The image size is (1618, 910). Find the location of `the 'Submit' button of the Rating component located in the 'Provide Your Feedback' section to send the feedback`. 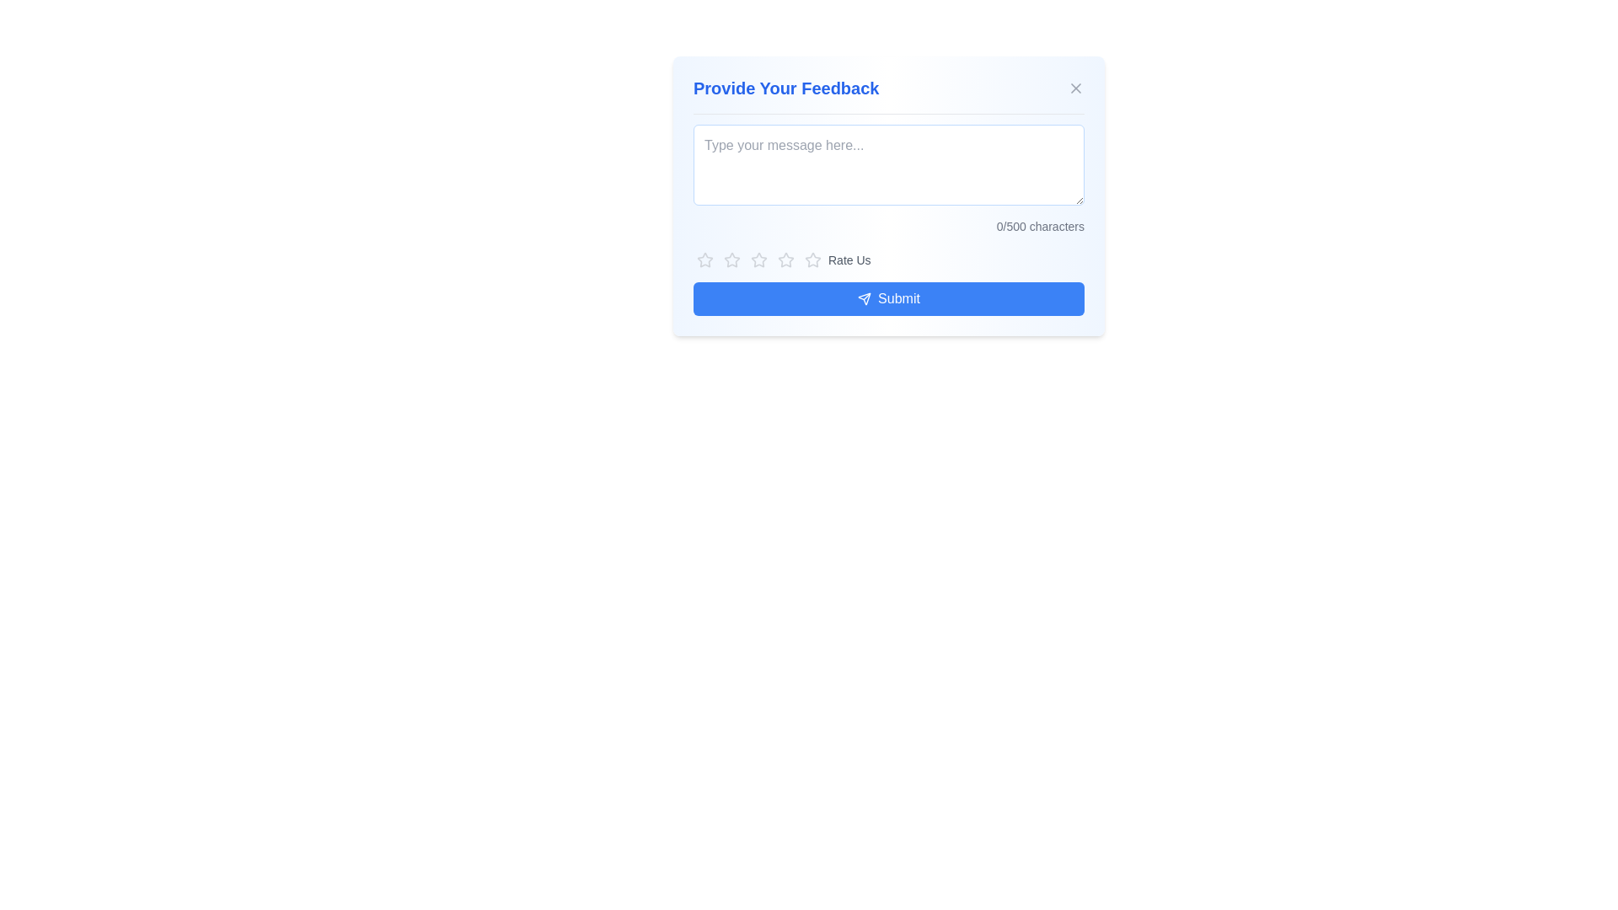

the 'Submit' button of the Rating component located in the 'Provide Your Feedback' section to send the feedback is located at coordinates (888, 281).